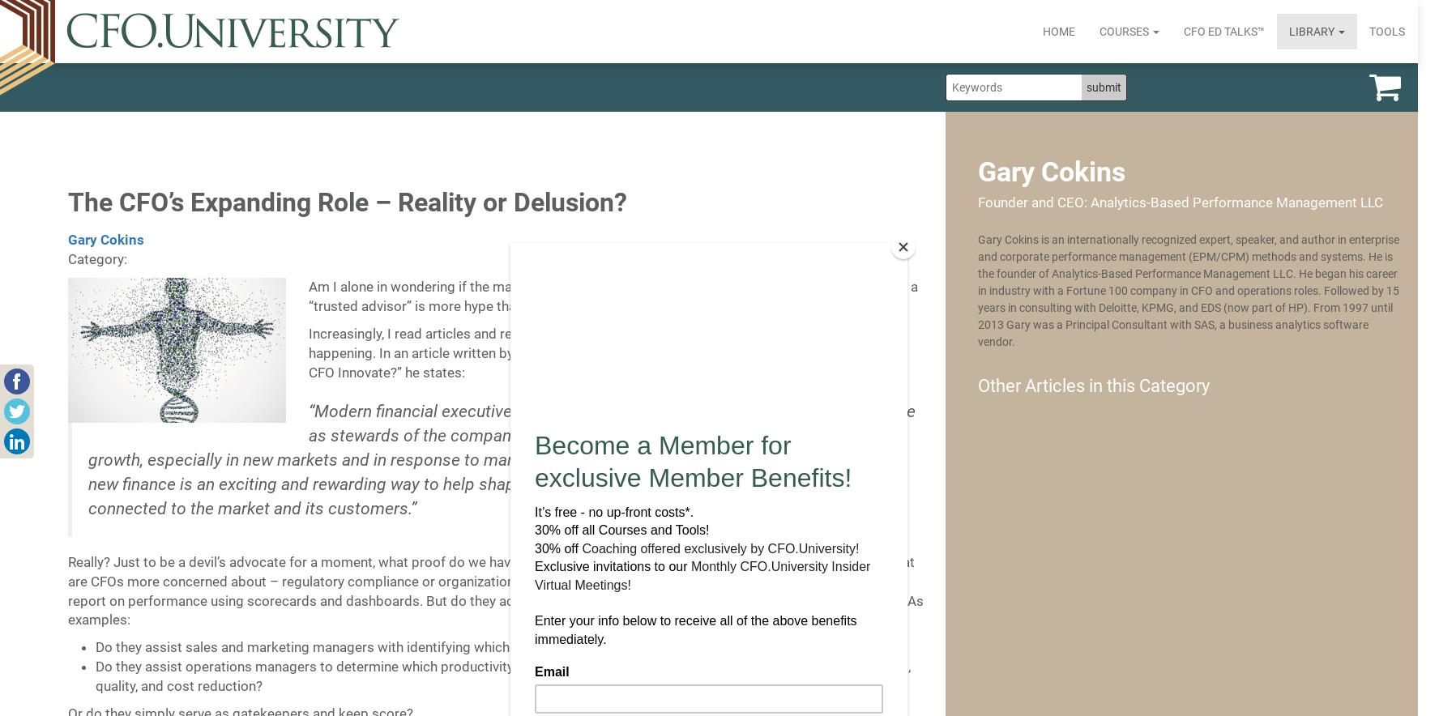 Image resolution: width=1439 pixels, height=716 pixels. I want to click on 'Am I alone in wondering if the many references and articles concerning the CFO’s emerging role as a “trusted advisor” is more hype than reality?', so click(612, 295).